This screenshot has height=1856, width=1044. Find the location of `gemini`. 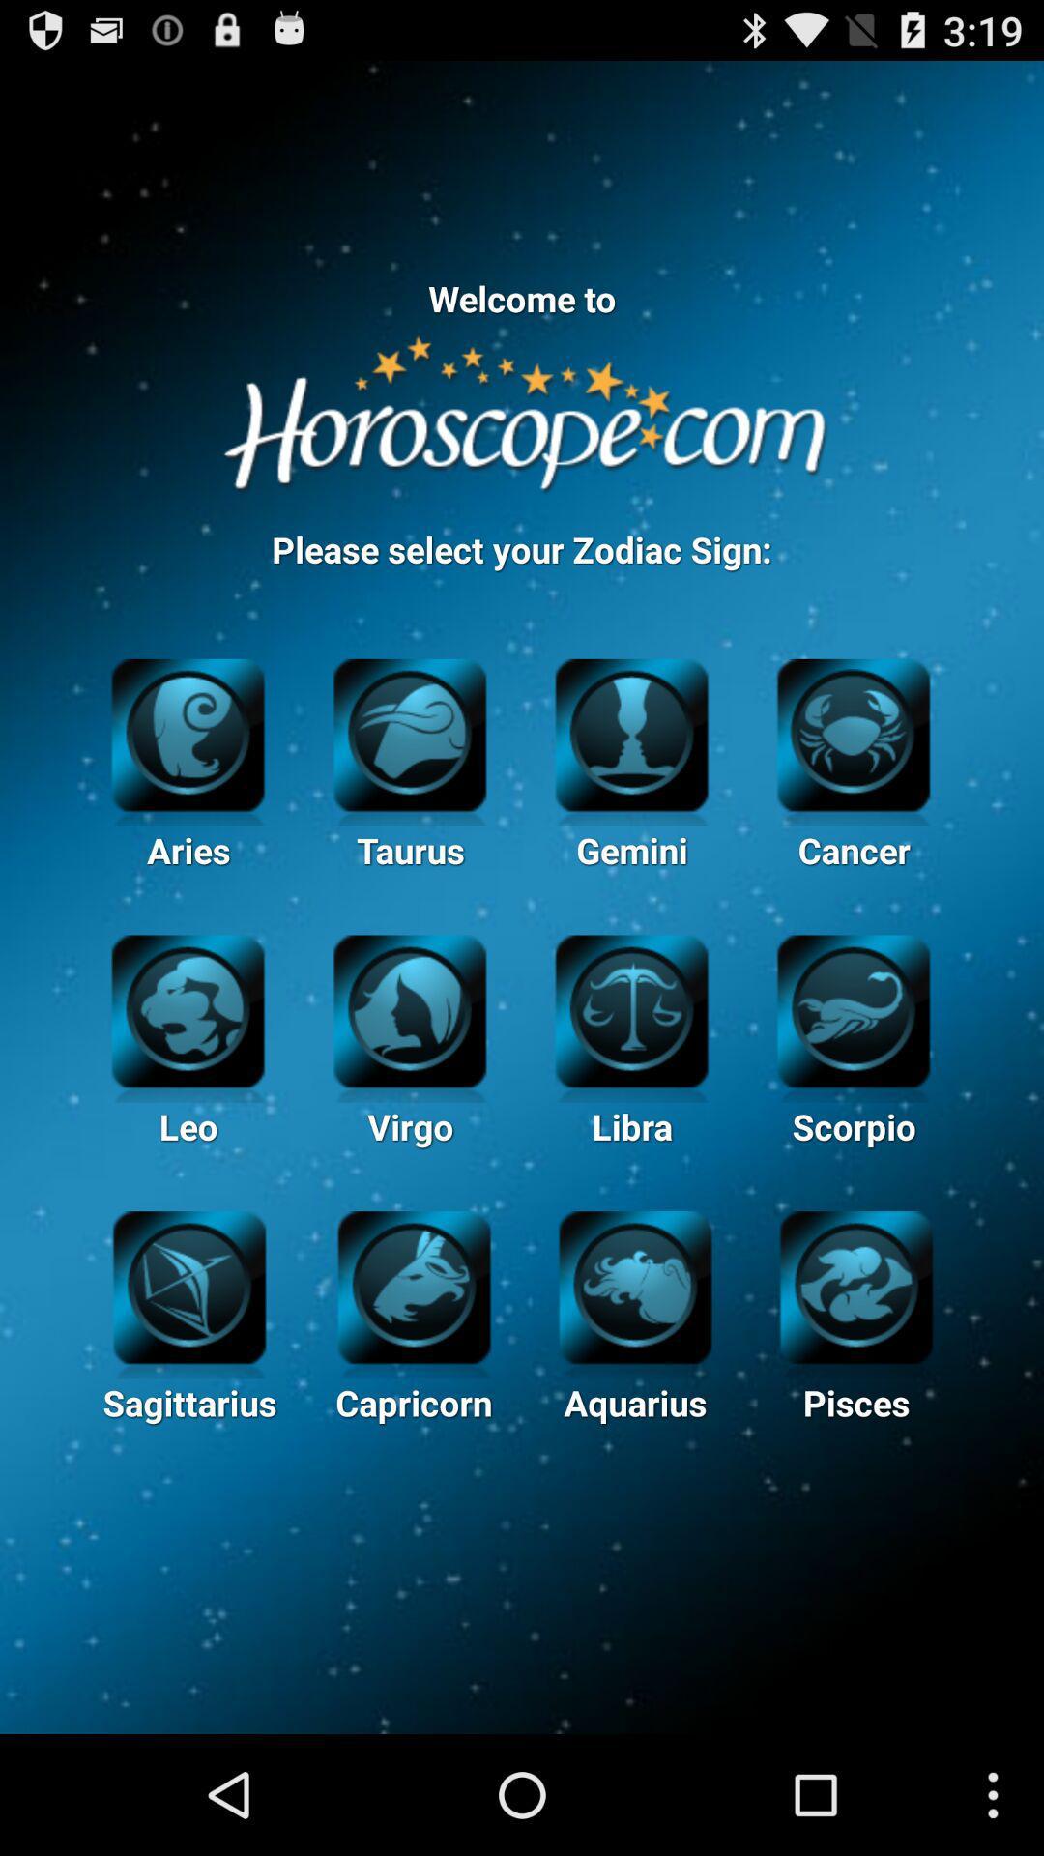

gemini is located at coordinates (631, 731).